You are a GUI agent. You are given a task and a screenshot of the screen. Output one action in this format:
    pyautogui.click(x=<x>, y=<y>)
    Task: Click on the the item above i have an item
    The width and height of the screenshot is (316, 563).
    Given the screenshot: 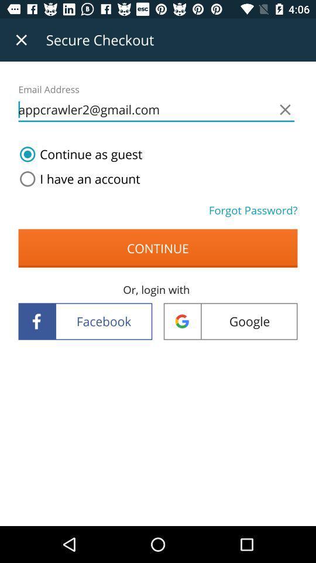 What is the action you would take?
    pyautogui.click(x=78, y=154)
    